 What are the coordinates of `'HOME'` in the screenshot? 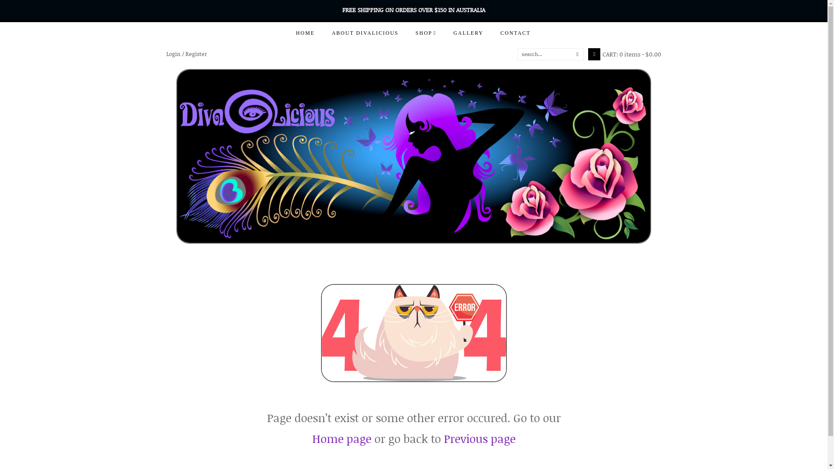 It's located at (305, 33).